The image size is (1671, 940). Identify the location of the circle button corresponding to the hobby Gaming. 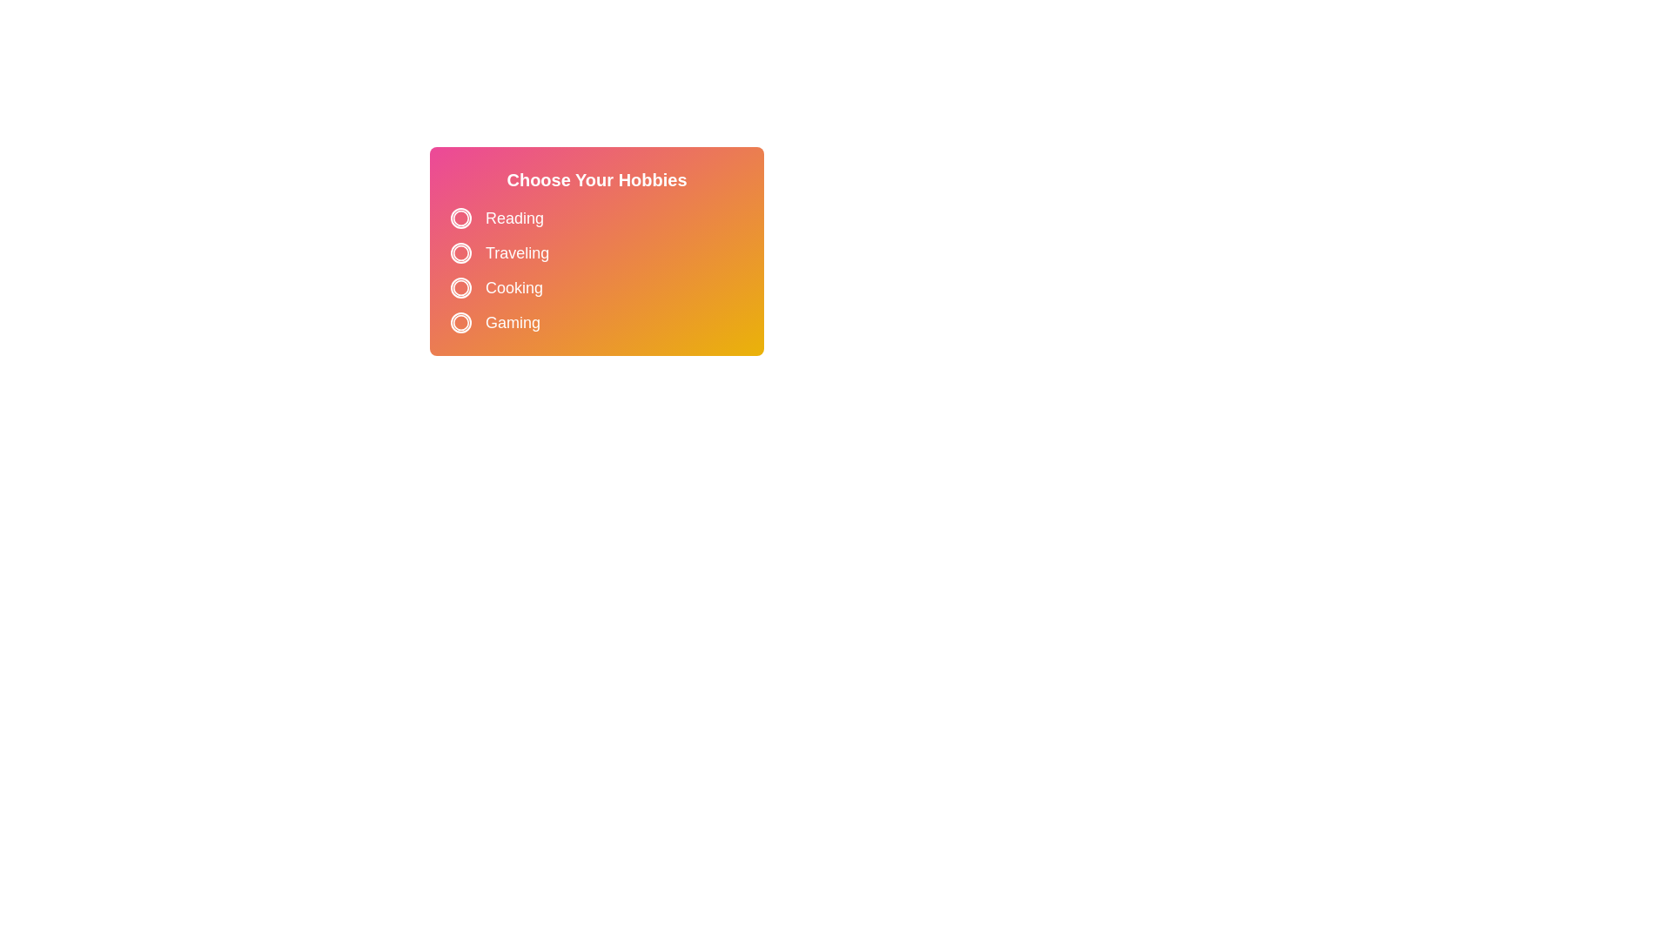
(460, 322).